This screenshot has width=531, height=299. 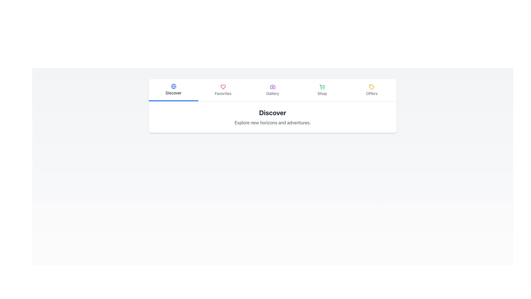 I want to click on the 'Offers' menu option, which is the fifth option in the horizontal navigation bar, so click(x=372, y=90).